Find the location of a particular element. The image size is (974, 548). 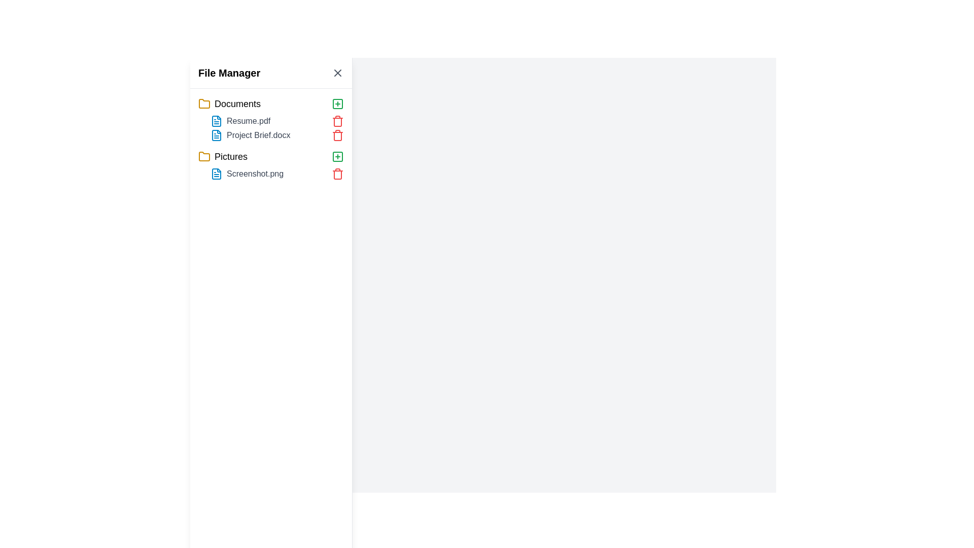

the file icon representing 'Screenshot.png' in the 'Pictures' folder section of the 'File Manager' UI is located at coordinates (216, 174).